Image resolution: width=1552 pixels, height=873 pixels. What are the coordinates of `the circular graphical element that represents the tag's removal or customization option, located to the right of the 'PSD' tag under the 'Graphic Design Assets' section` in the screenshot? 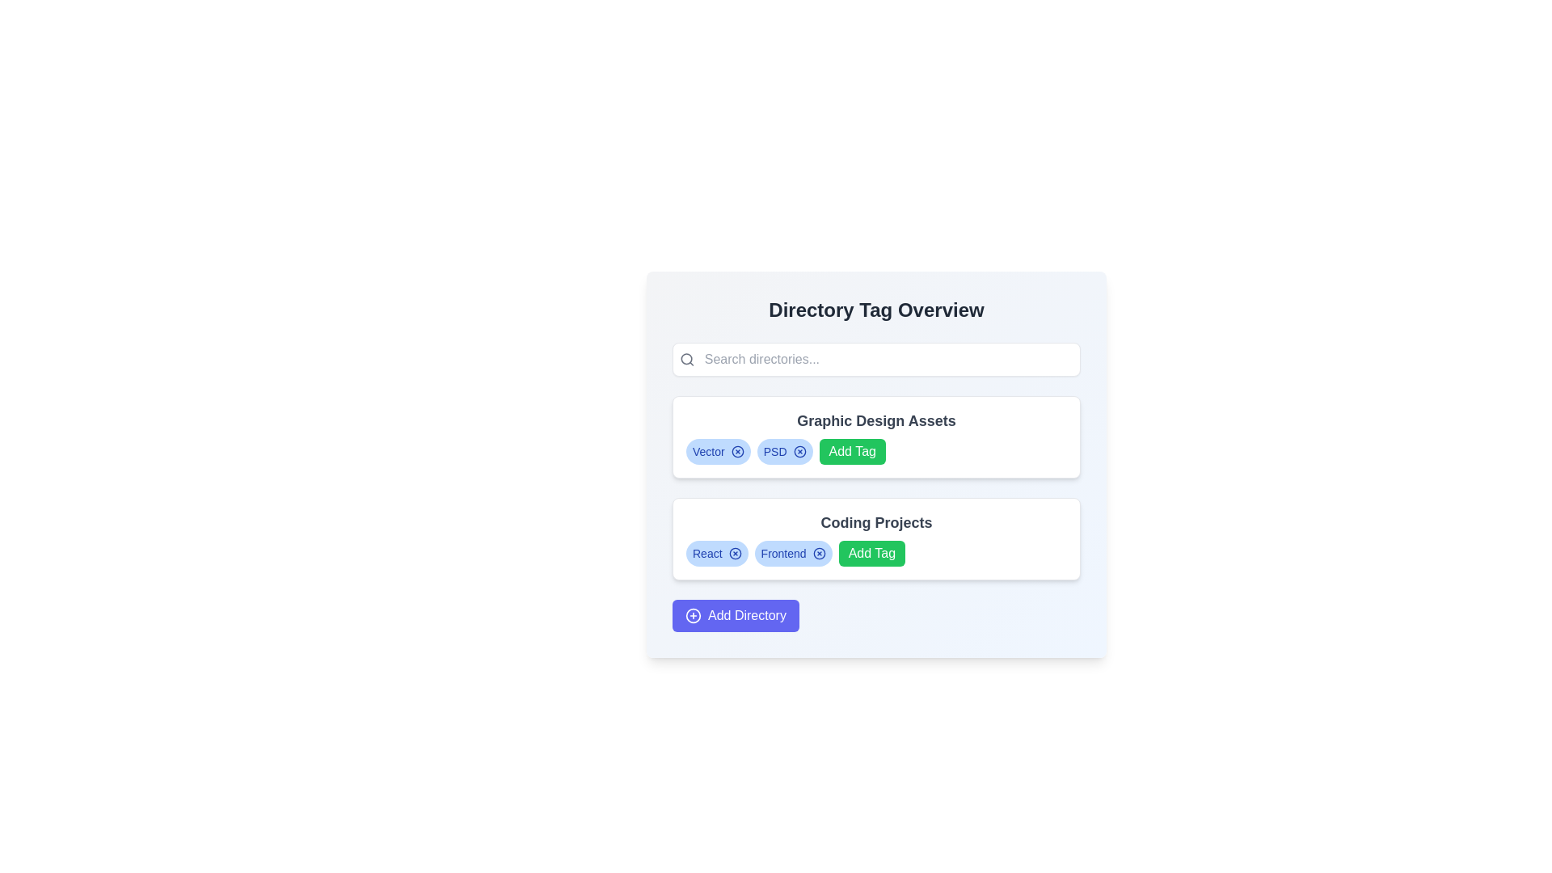 It's located at (799, 452).